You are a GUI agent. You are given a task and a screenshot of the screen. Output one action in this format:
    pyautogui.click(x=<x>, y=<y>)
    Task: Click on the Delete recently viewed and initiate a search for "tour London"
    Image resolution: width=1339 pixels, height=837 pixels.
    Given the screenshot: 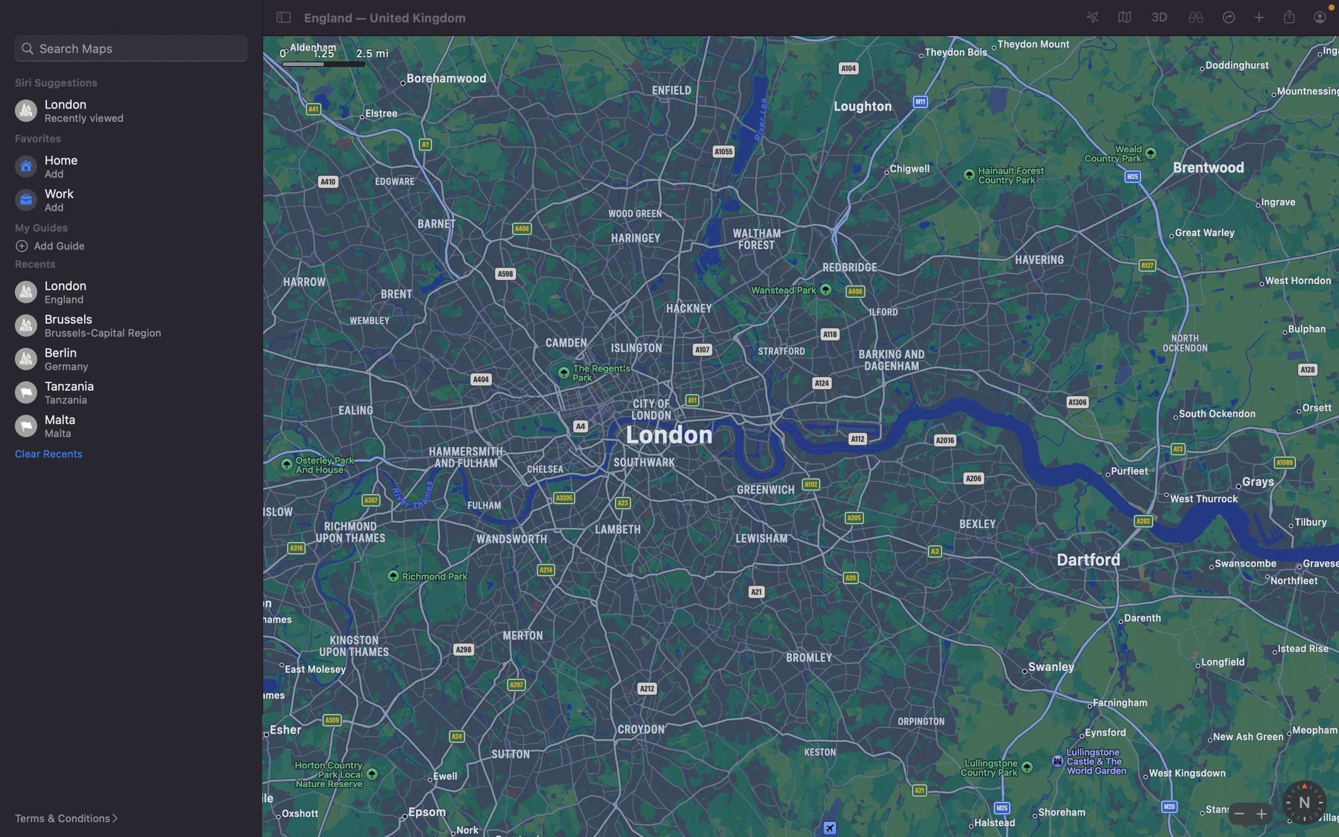 What is the action you would take?
    pyautogui.click(x=50, y=453)
    